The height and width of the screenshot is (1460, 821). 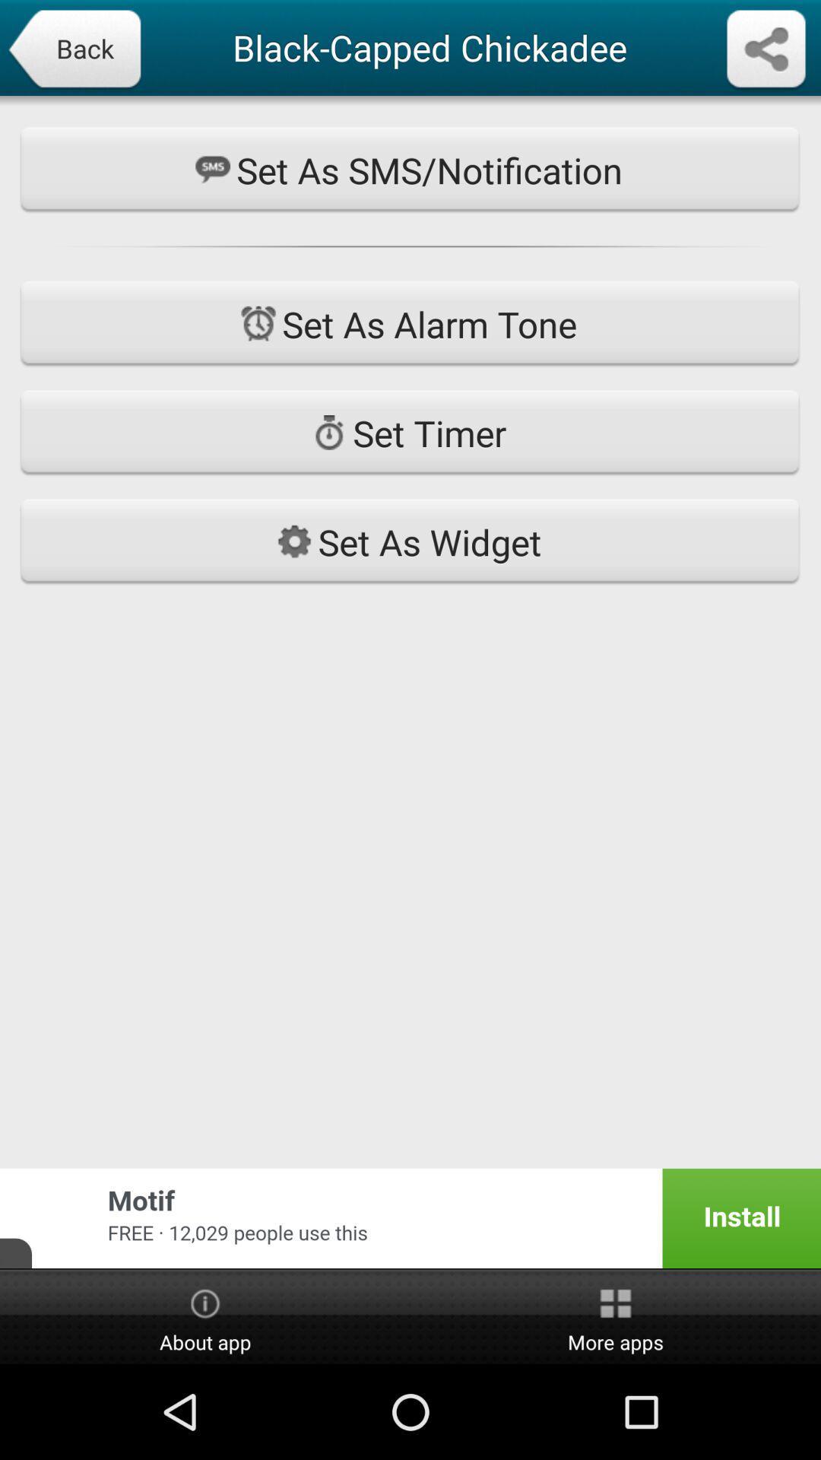 What do you see at coordinates (205, 1317) in the screenshot?
I see `about app button` at bounding box center [205, 1317].